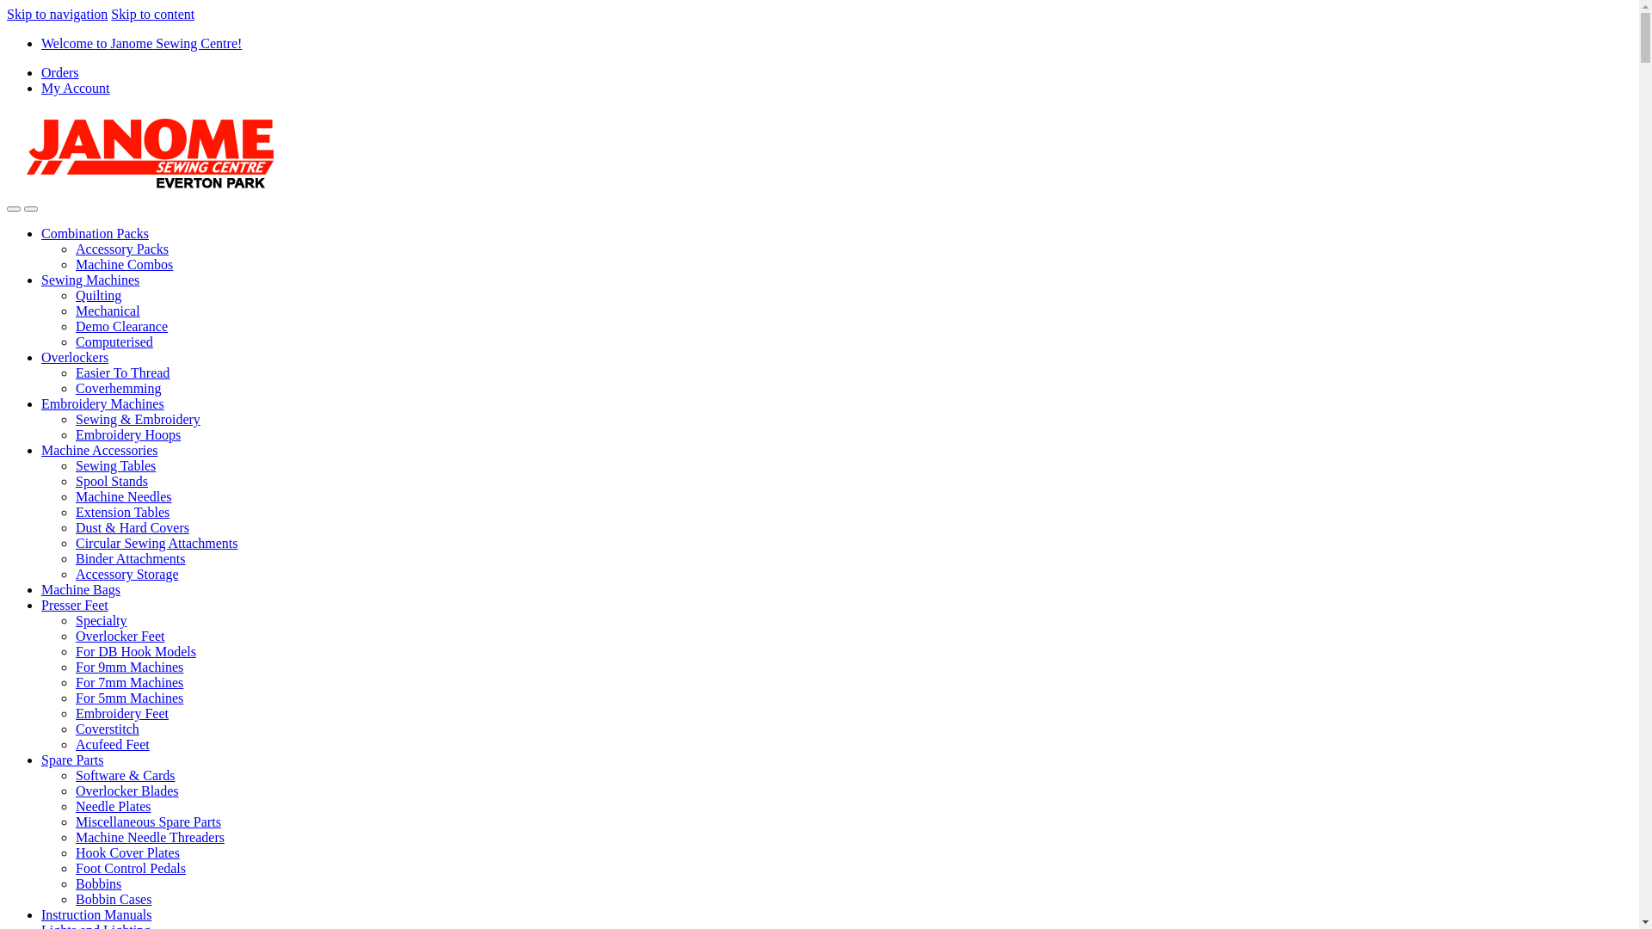 The width and height of the screenshot is (1652, 929). What do you see at coordinates (130, 558) in the screenshot?
I see `'Binder Attachments'` at bounding box center [130, 558].